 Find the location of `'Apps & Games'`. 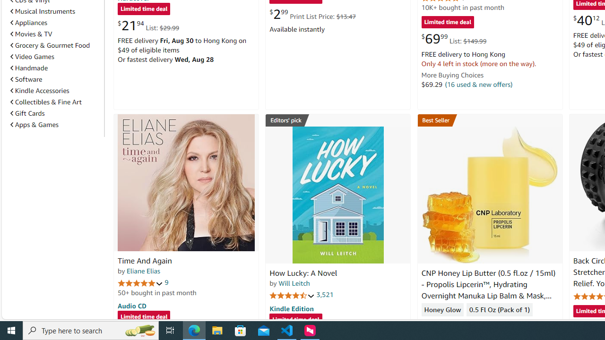

'Apps & Games' is located at coordinates (55, 124).